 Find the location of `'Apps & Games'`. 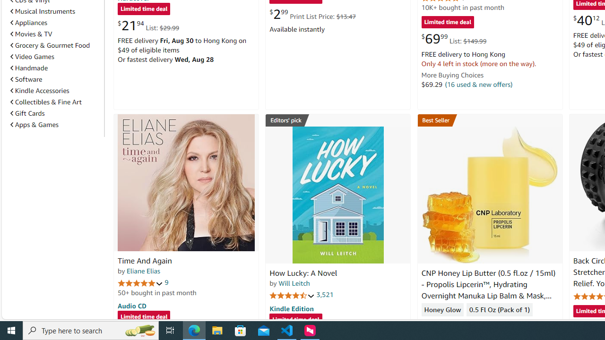

'Apps & Games' is located at coordinates (55, 124).